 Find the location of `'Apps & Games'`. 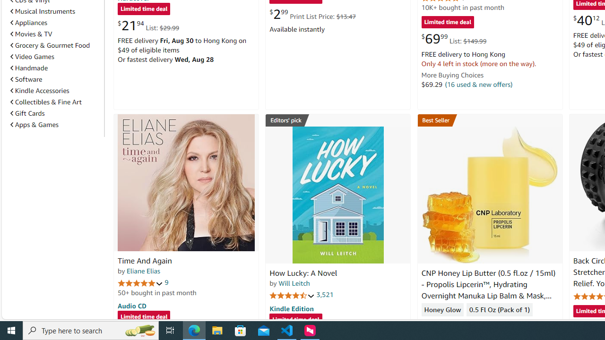

'Apps & Games' is located at coordinates (55, 124).